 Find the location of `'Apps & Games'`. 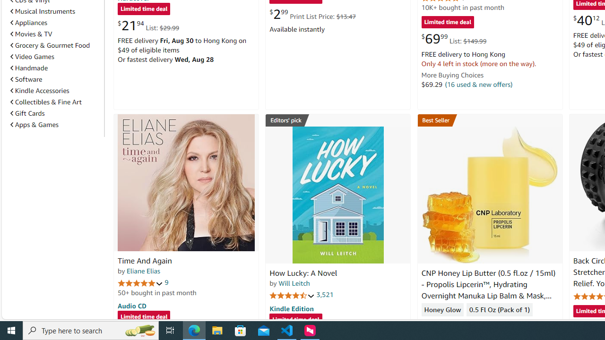

'Apps & Games' is located at coordinates (55, 124).